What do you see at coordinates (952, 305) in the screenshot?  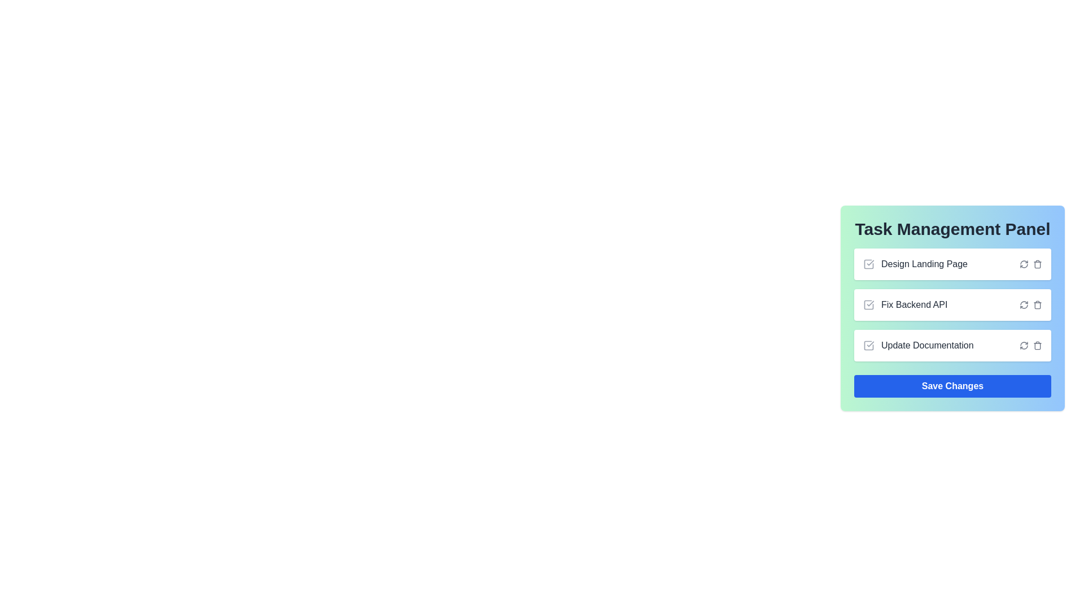 I see `the checkbox of the task list item labeled 'Fix Backend API' to mark the task as done` at bounding box center [952, 305].